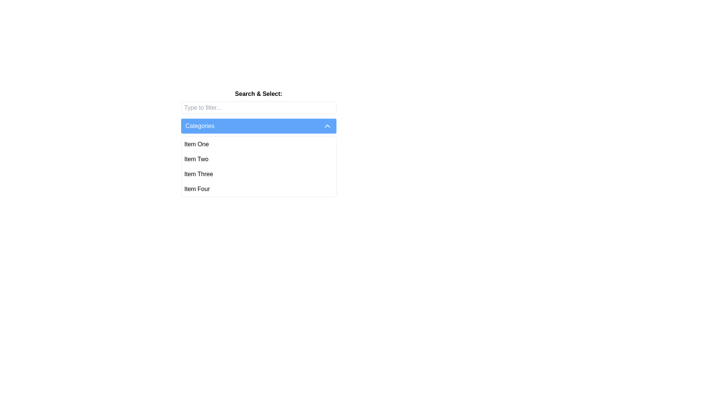 This screenshot has width=717, height=403. I want to click on the List Item displaying 'Item One' in the dropdown menu, so click(258, 144).